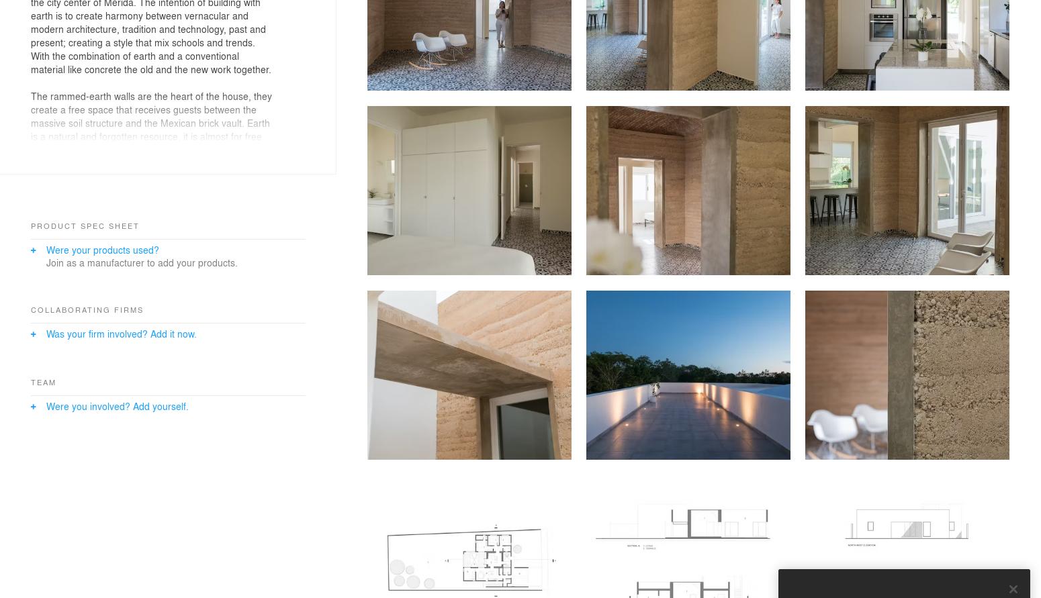 The image size is (1041, 598). What do you see at coordinates (120, 332) in the screenshot?
I see `'Was your firm involved? Add it now.'` at bounding box center [120, 332].